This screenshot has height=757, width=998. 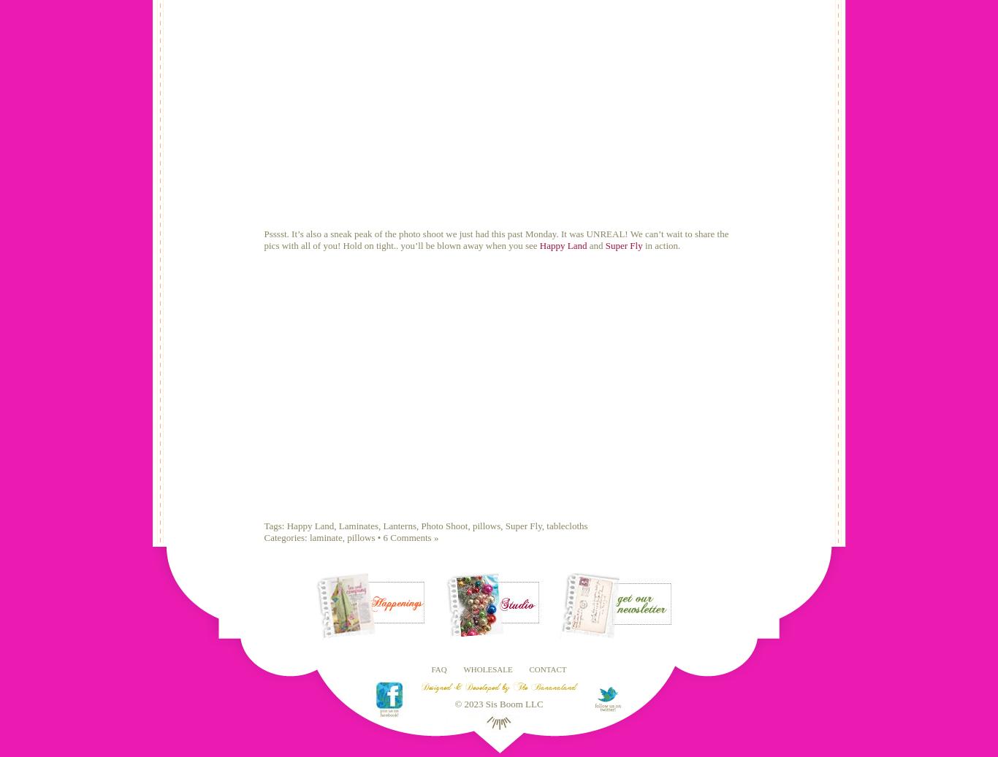 What do you see at coordinates (528, 668) in the screenshot?
I see `'Contact'` at bounding box center [528, 668].